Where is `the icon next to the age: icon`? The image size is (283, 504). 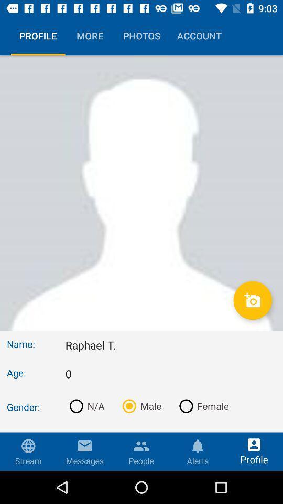 the icon next to the age: icon is located at coordinates (170, 374).